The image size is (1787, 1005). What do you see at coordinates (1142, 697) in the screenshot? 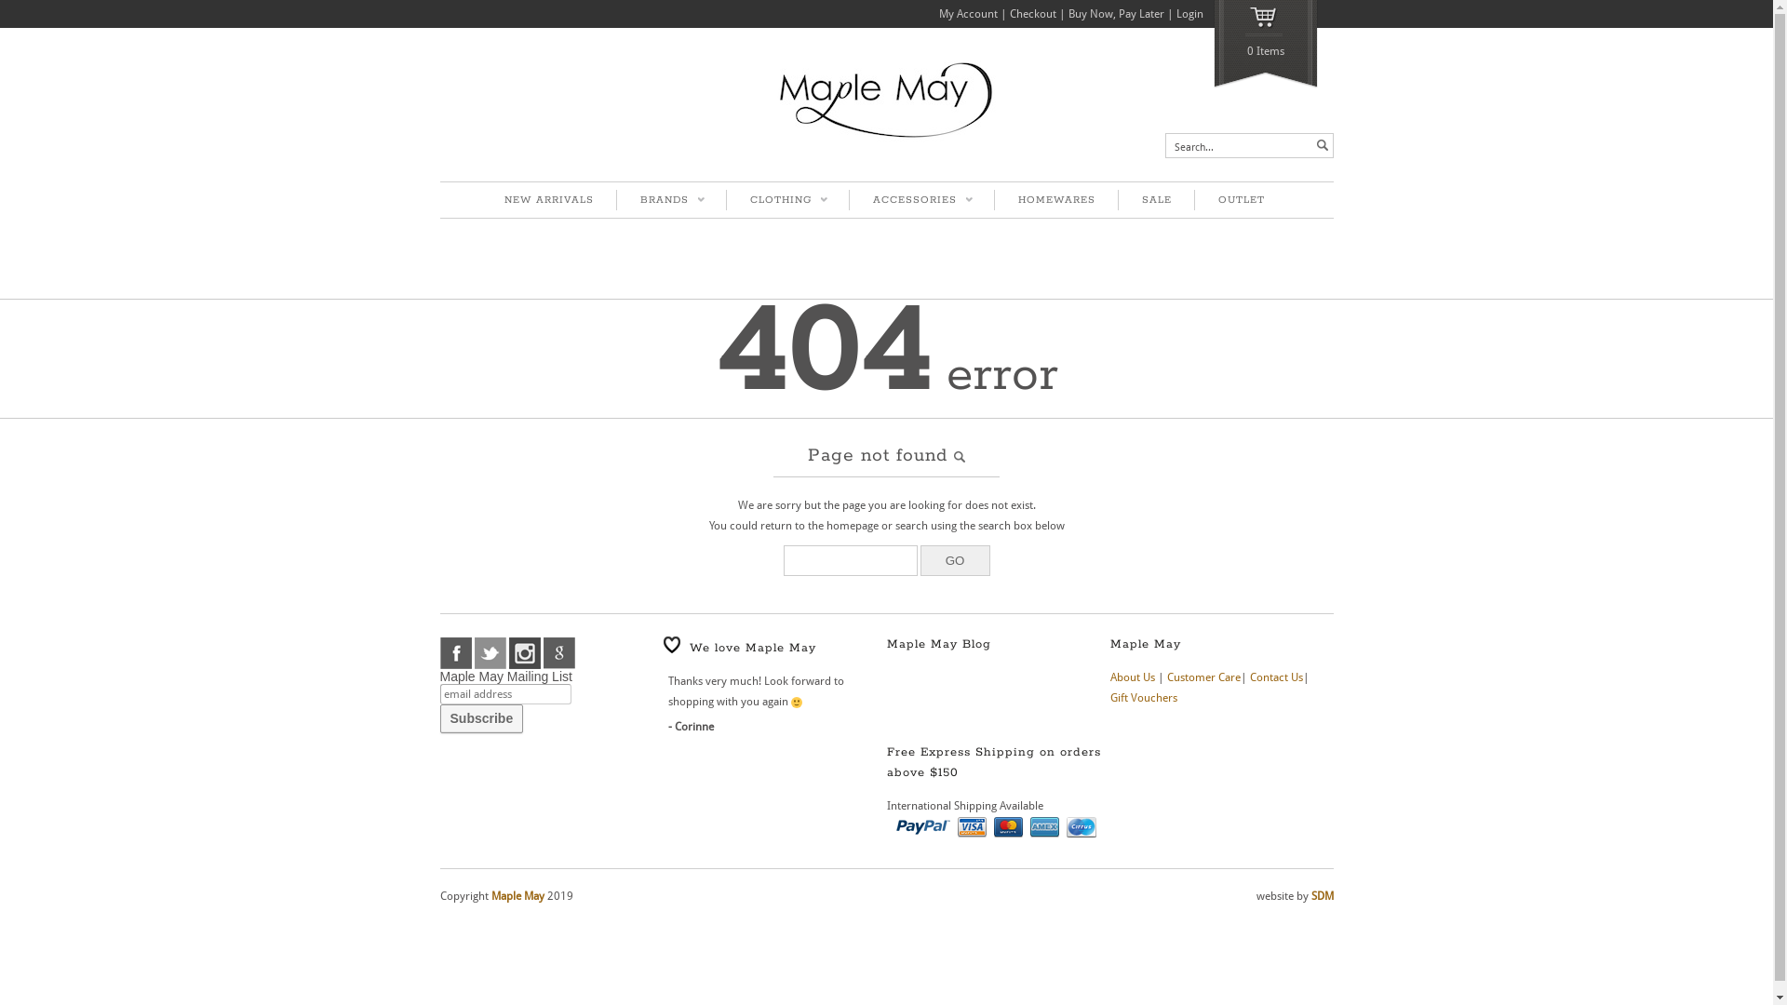
I see `'Gift Vouchers'` at bounding box center [1142, 697].